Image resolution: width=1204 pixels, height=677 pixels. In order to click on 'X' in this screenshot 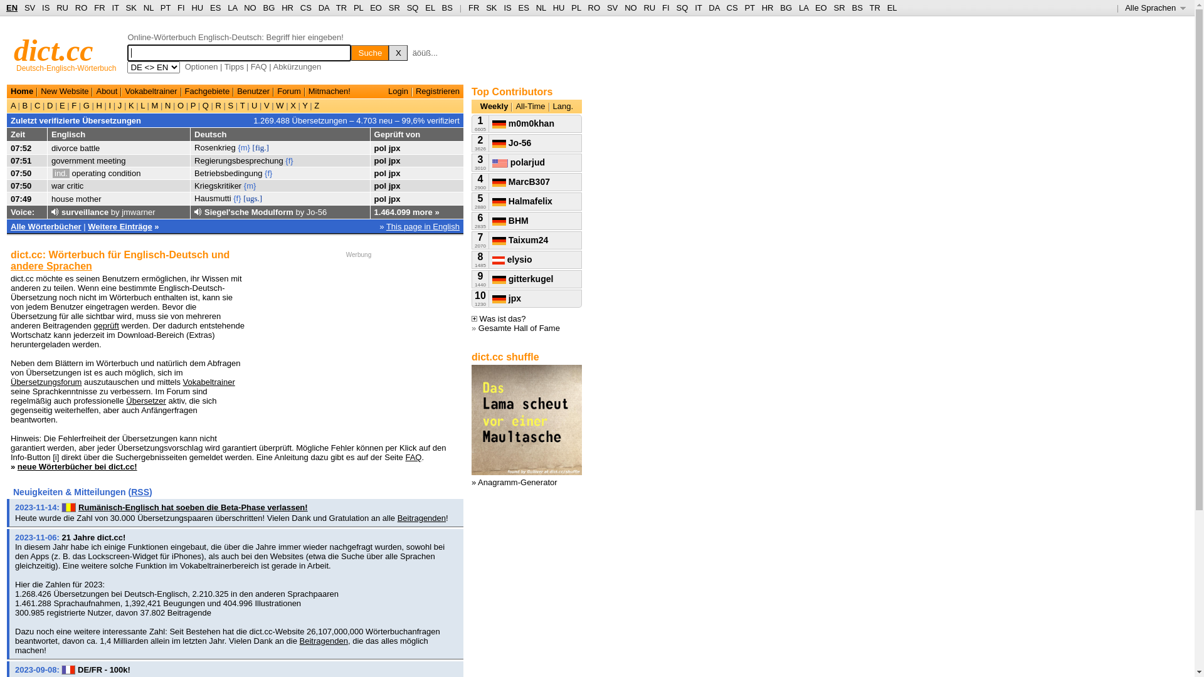, I will do `click(293, 105)`.